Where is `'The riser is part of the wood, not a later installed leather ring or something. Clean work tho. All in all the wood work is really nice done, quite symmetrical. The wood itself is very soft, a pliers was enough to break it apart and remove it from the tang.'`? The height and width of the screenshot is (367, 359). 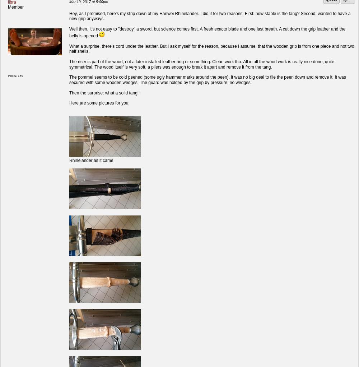
'The riser is part of the wood, not a later installed leather ring or something. Clean work tho. All in all the wood work is really nice done, quite symmetrical. The wood itself is very soft, a pliers was enough to break it apart and remove it from the tang.' is located at coordinates (202, 64).